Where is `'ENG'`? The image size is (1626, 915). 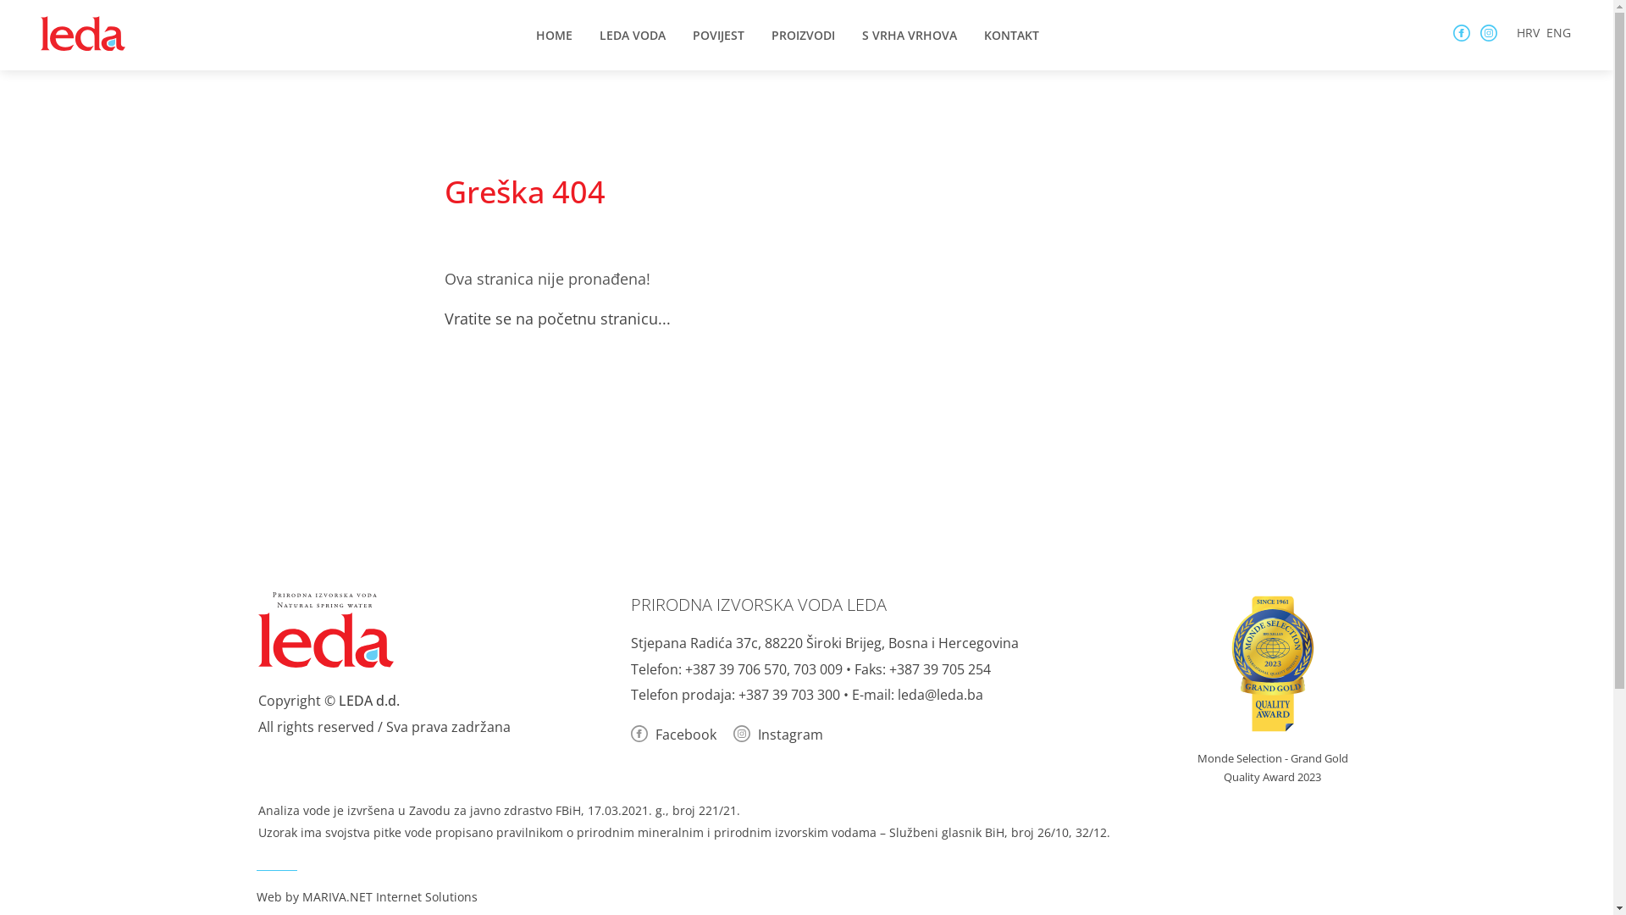 'ENG' is located at coordinates (1558, 32).